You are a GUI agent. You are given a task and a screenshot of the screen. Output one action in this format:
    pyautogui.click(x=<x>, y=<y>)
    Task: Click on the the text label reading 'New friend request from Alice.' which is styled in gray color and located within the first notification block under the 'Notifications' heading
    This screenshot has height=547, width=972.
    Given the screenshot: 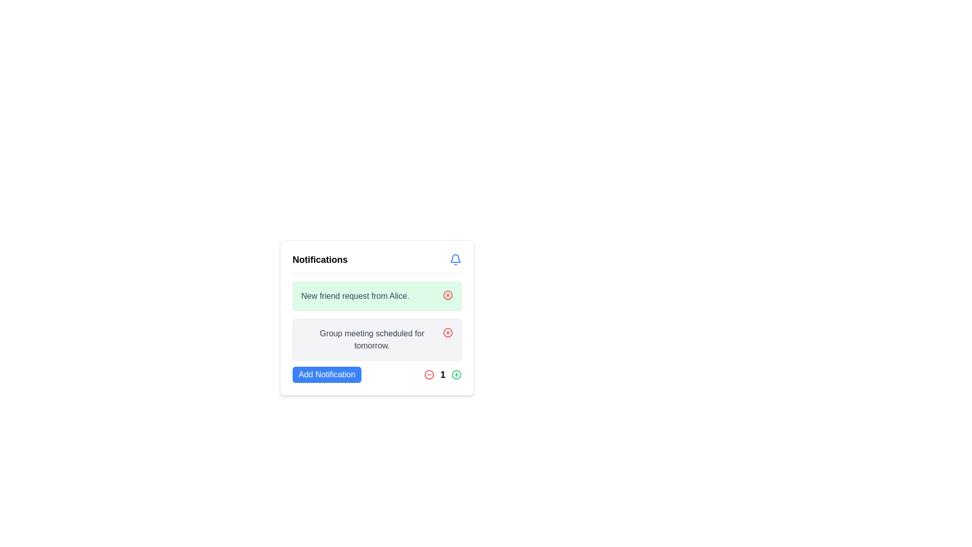 What is the action you would take?
    pyautogui.click(x=355, y=296)
    